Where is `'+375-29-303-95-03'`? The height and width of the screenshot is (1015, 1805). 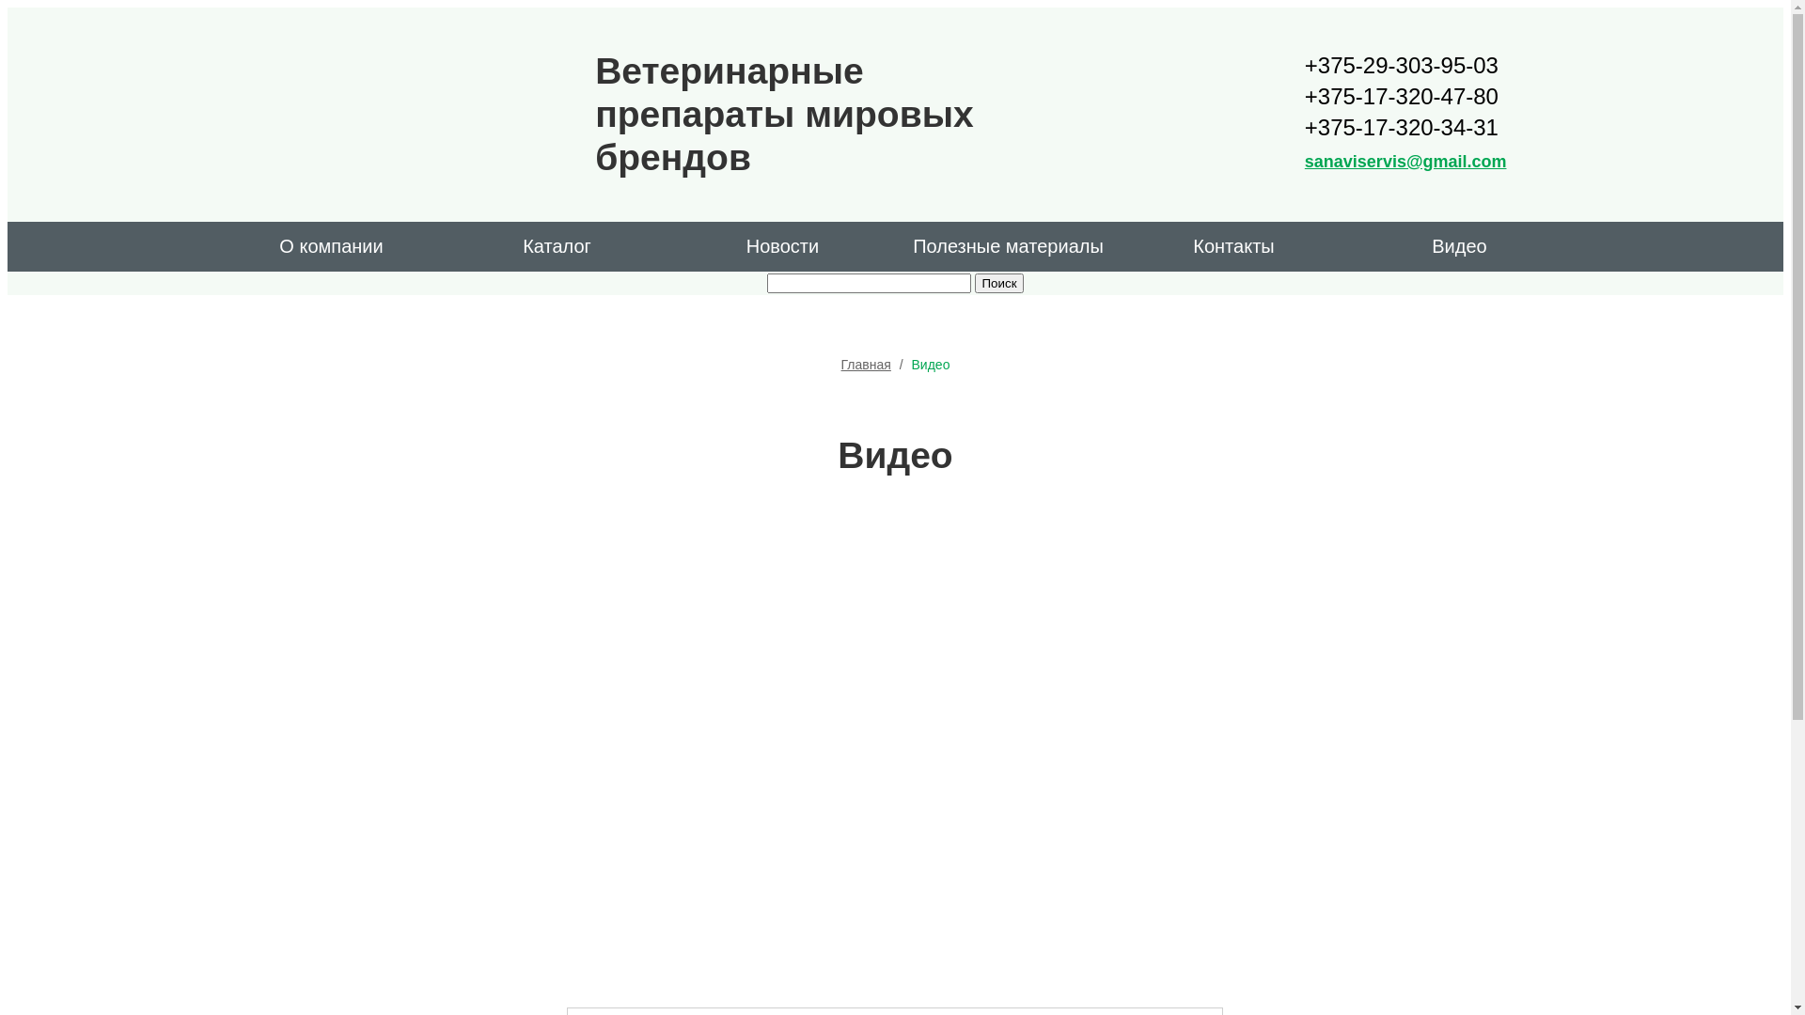
'+375-29-303-95-03' is located at coordinates (1303, 64).